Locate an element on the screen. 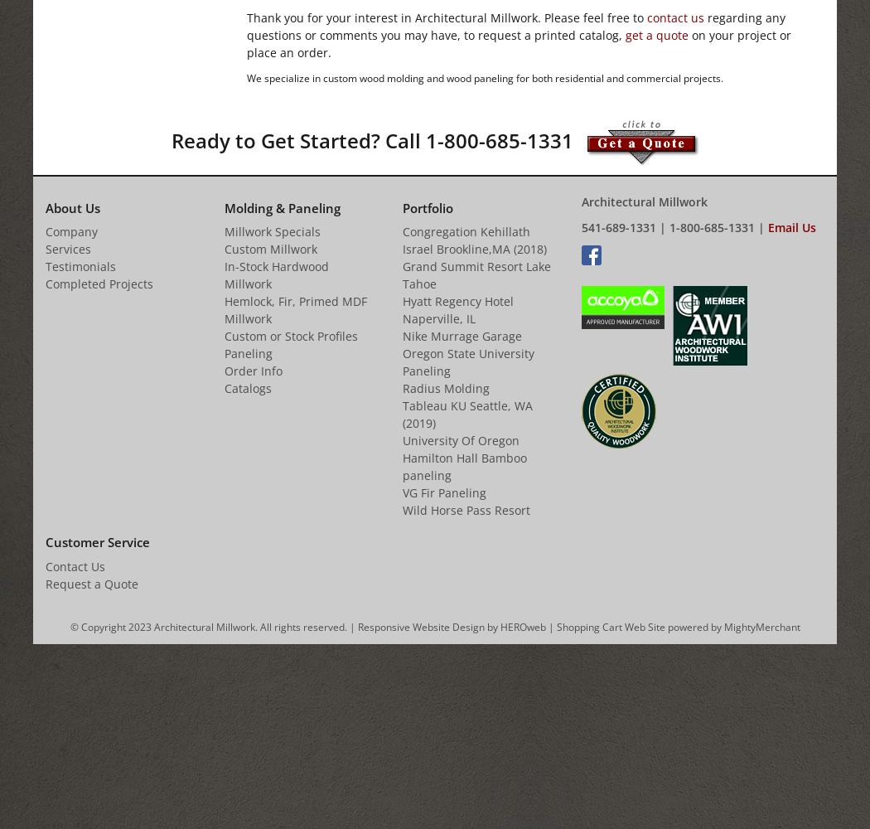 This screenshot has width=870, height=829. 'get a quote' is located at coordinates (655, 34).